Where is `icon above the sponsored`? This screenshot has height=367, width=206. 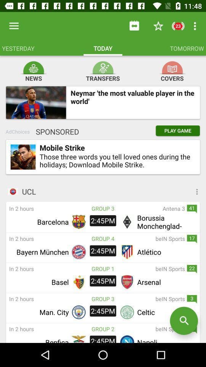
icon above the sponsored is located at coordinates (35, 102).